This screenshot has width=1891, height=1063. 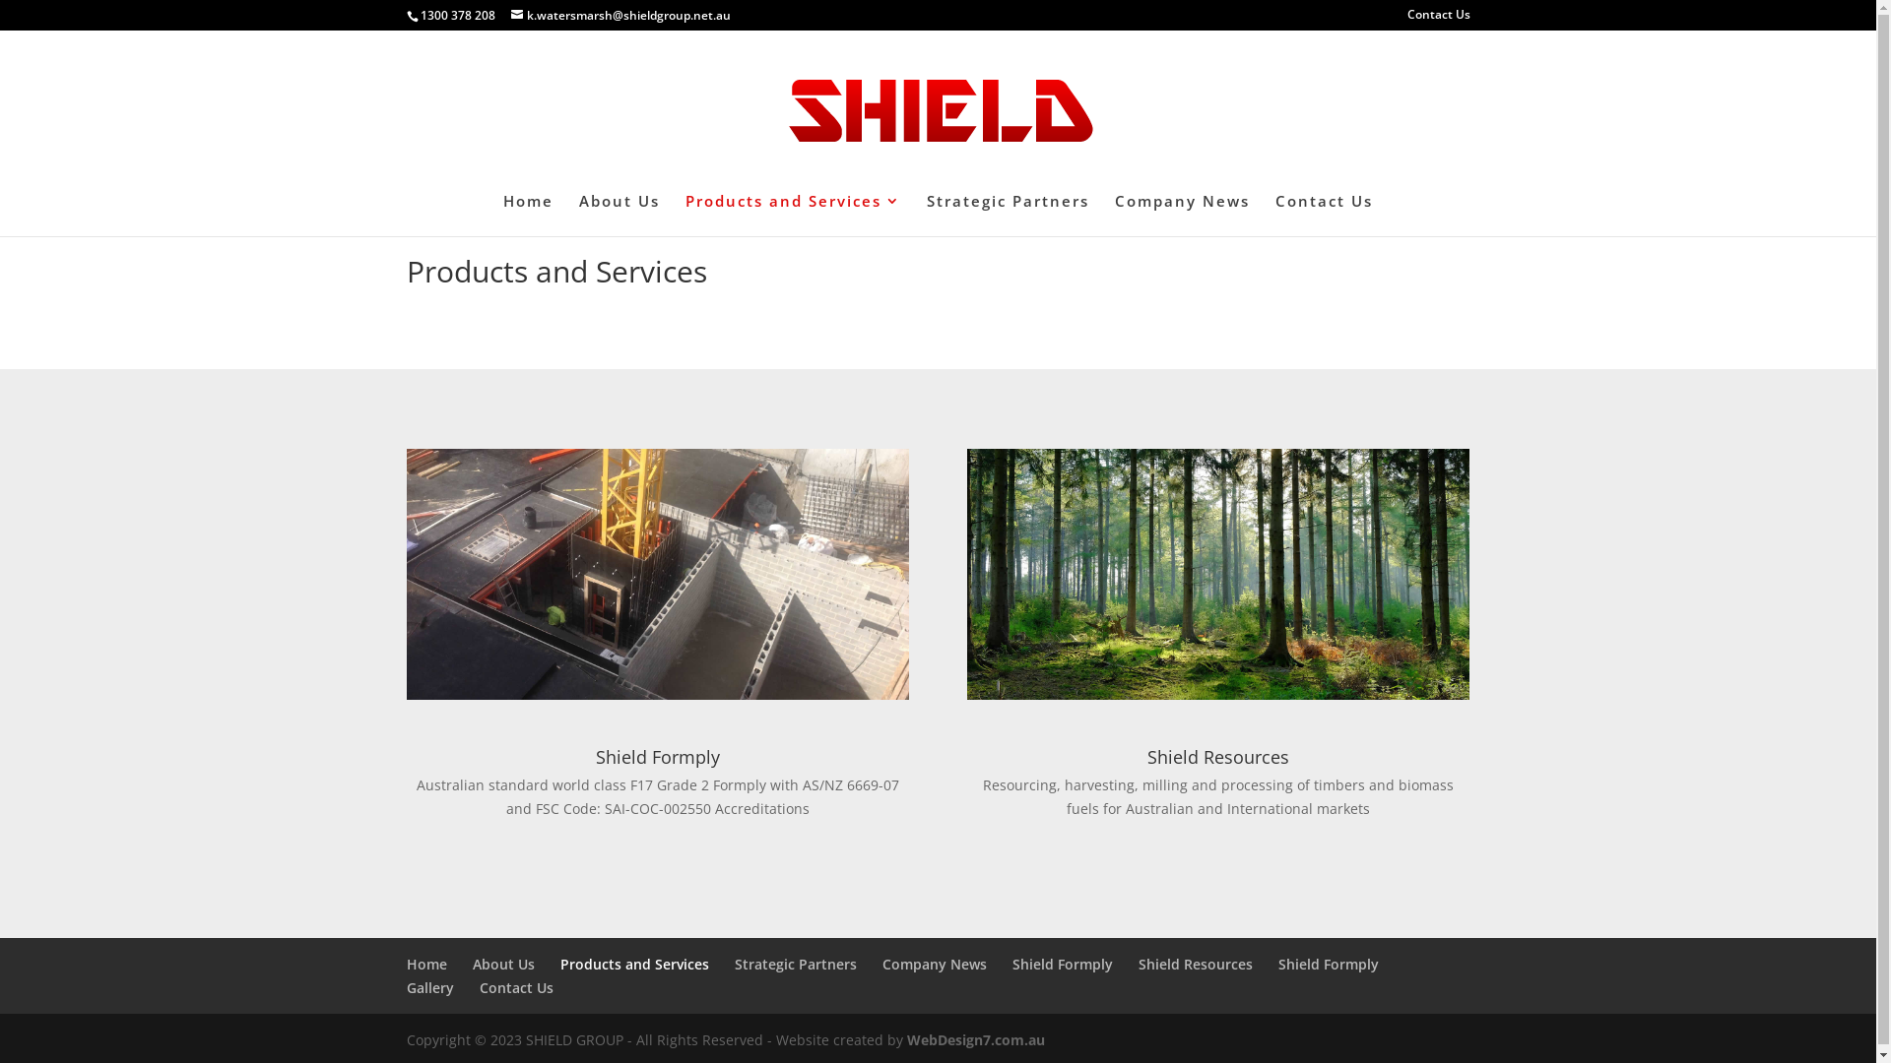 What do you see at coordinates (1182, 215) in the screenshot?
I see `'Company News'` at bounding box center [1182, 215].